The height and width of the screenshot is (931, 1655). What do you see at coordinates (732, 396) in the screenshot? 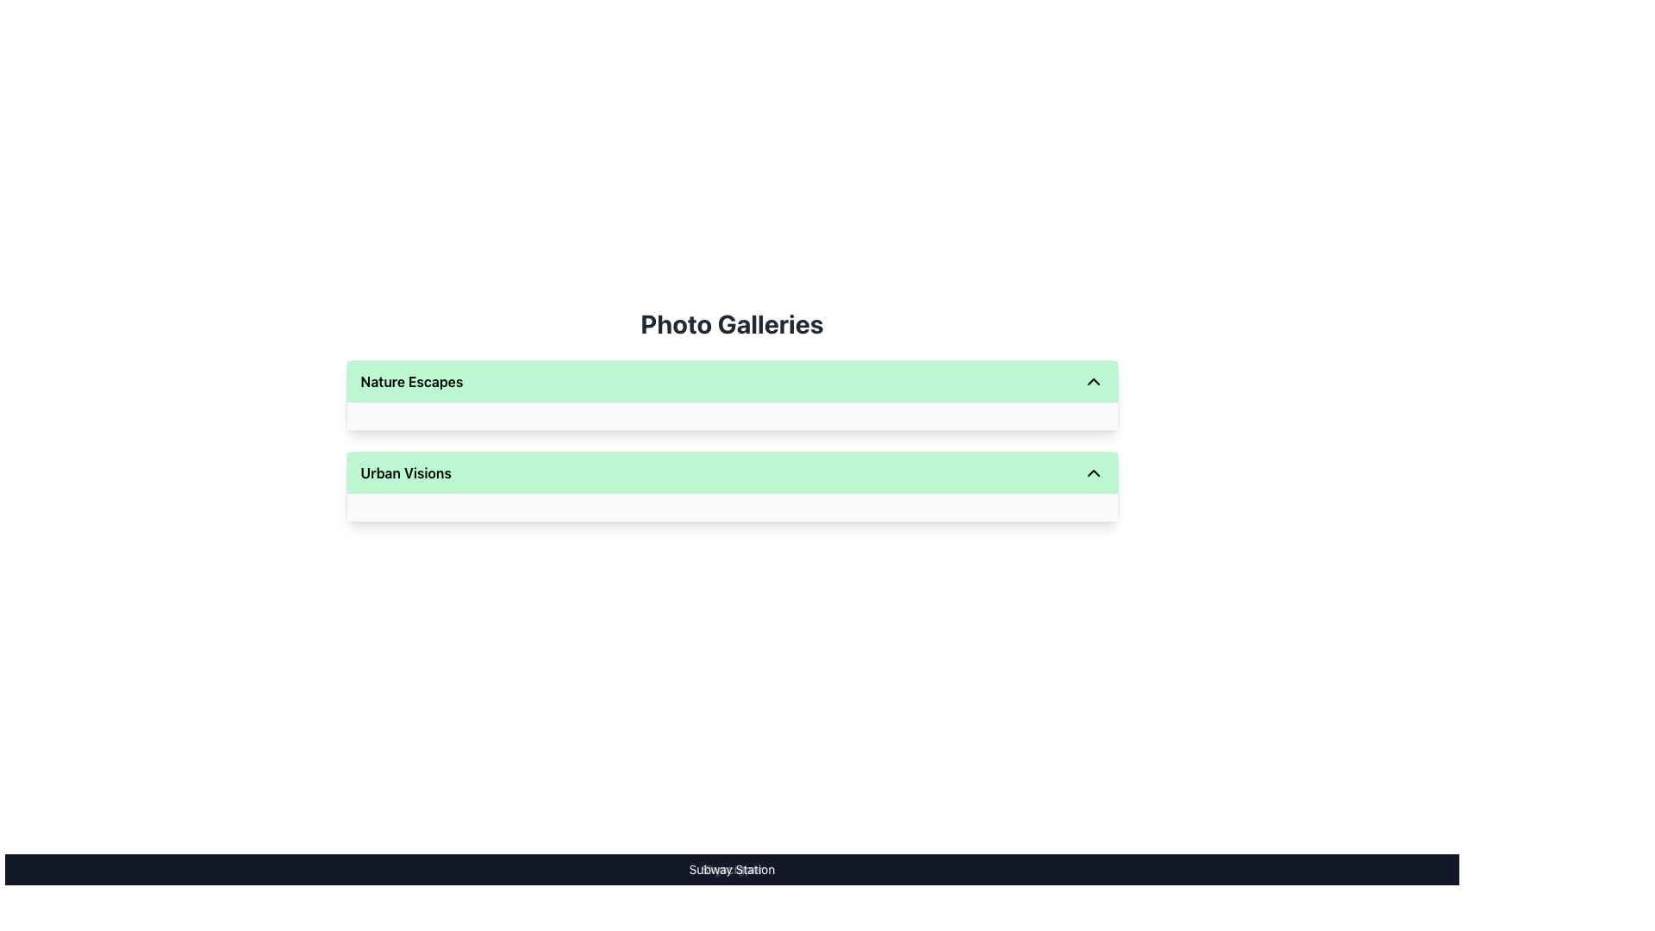
I see `the 'Nature Escapes' Collapsible Section Header` at bounding box center [732, 396].